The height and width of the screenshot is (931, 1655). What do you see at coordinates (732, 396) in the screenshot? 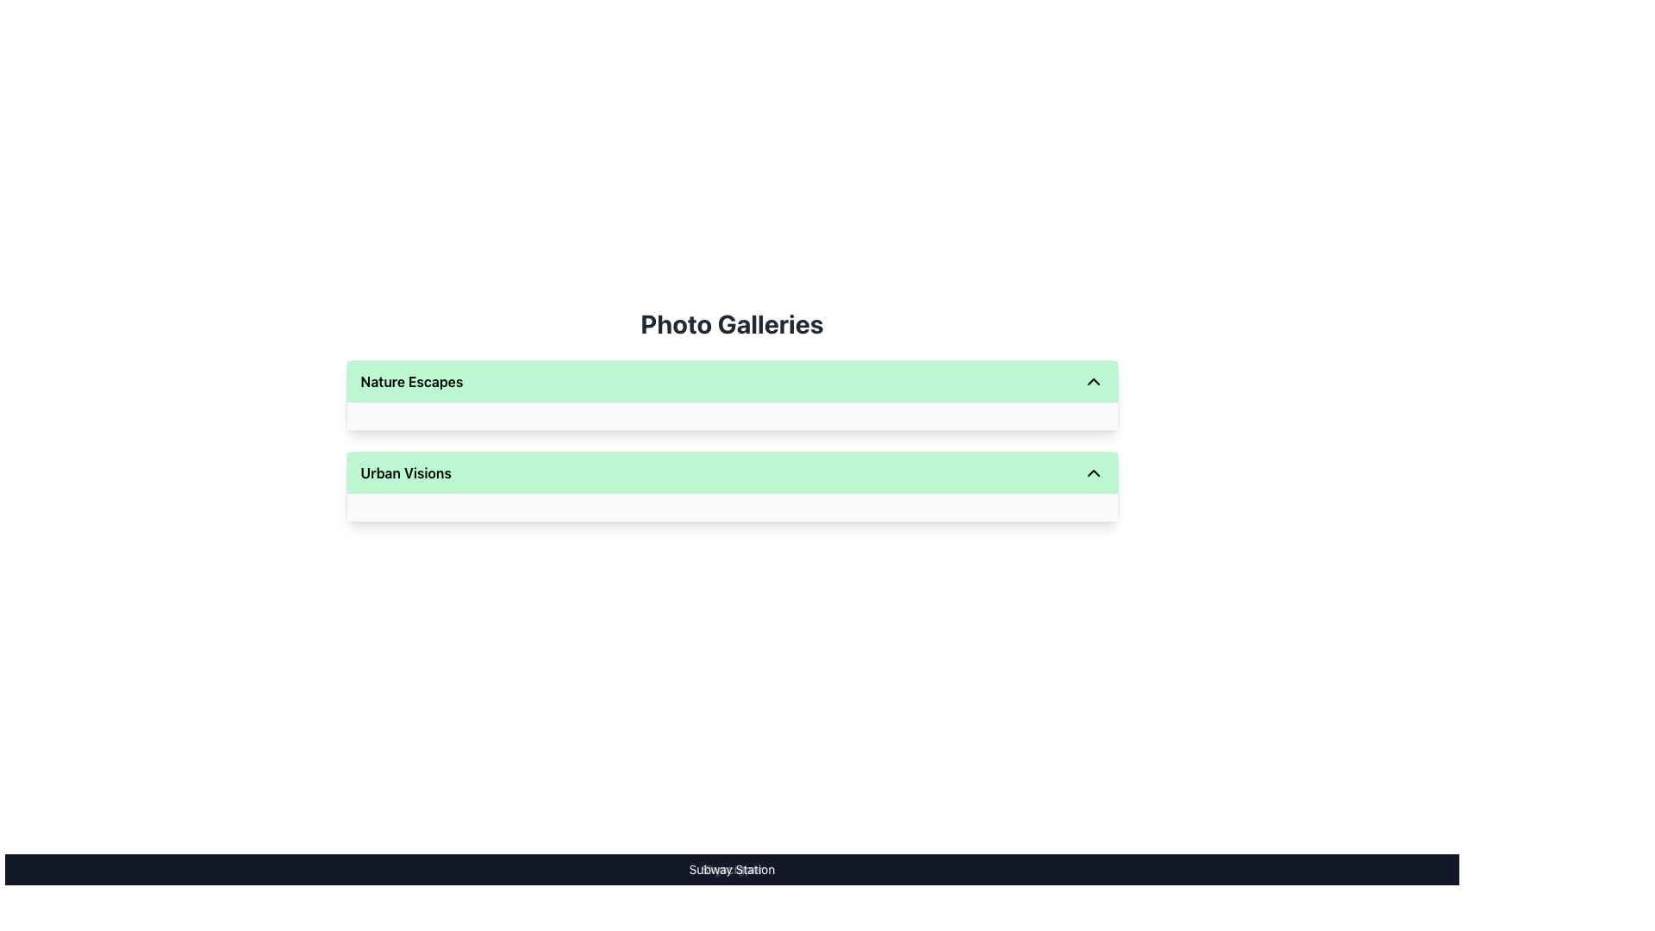
I see `the 'Nature Escapes' Collapsible Section Header` at bounding box center [732, 396].